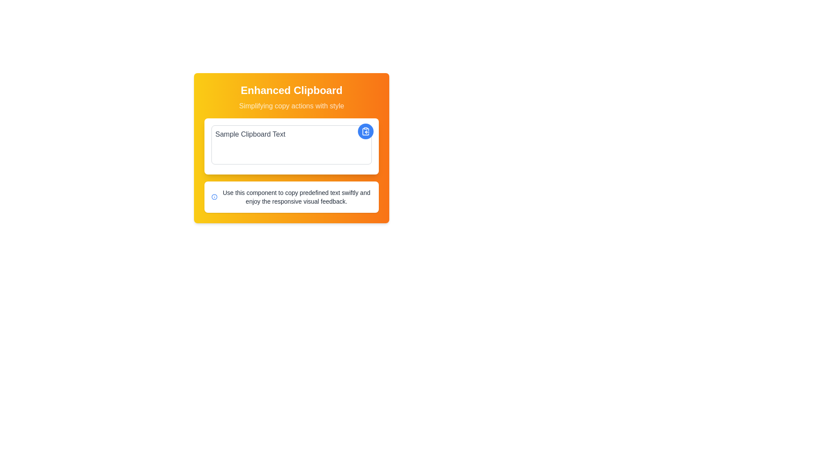  Describe the element at coordinates (291, 105) in the screenshot. I see `the Text Label that provides supportive context to the main title 'Enhanced Clipboard', located directly beneath it and centered horizontally within the interface` at that location.